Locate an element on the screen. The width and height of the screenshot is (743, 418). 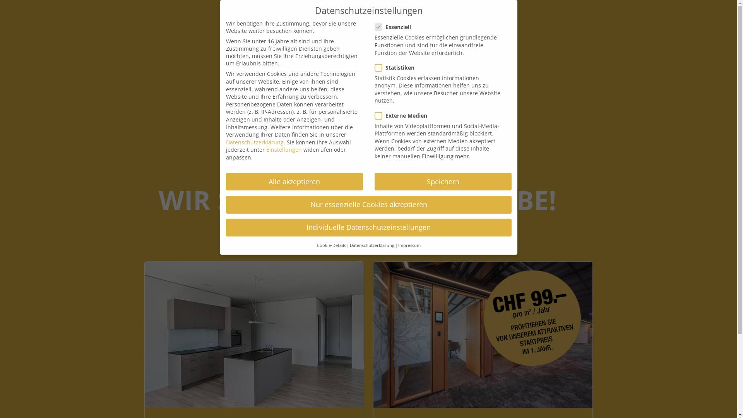
'Nur essenzielle Cookies akzeptieren' is located at coordinates (368, 204).